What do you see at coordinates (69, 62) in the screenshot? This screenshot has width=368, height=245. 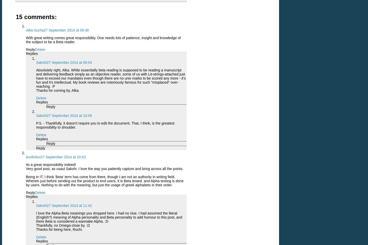 I see `'27 September 2014 at 09:54'` at bounding box center [69, 62].